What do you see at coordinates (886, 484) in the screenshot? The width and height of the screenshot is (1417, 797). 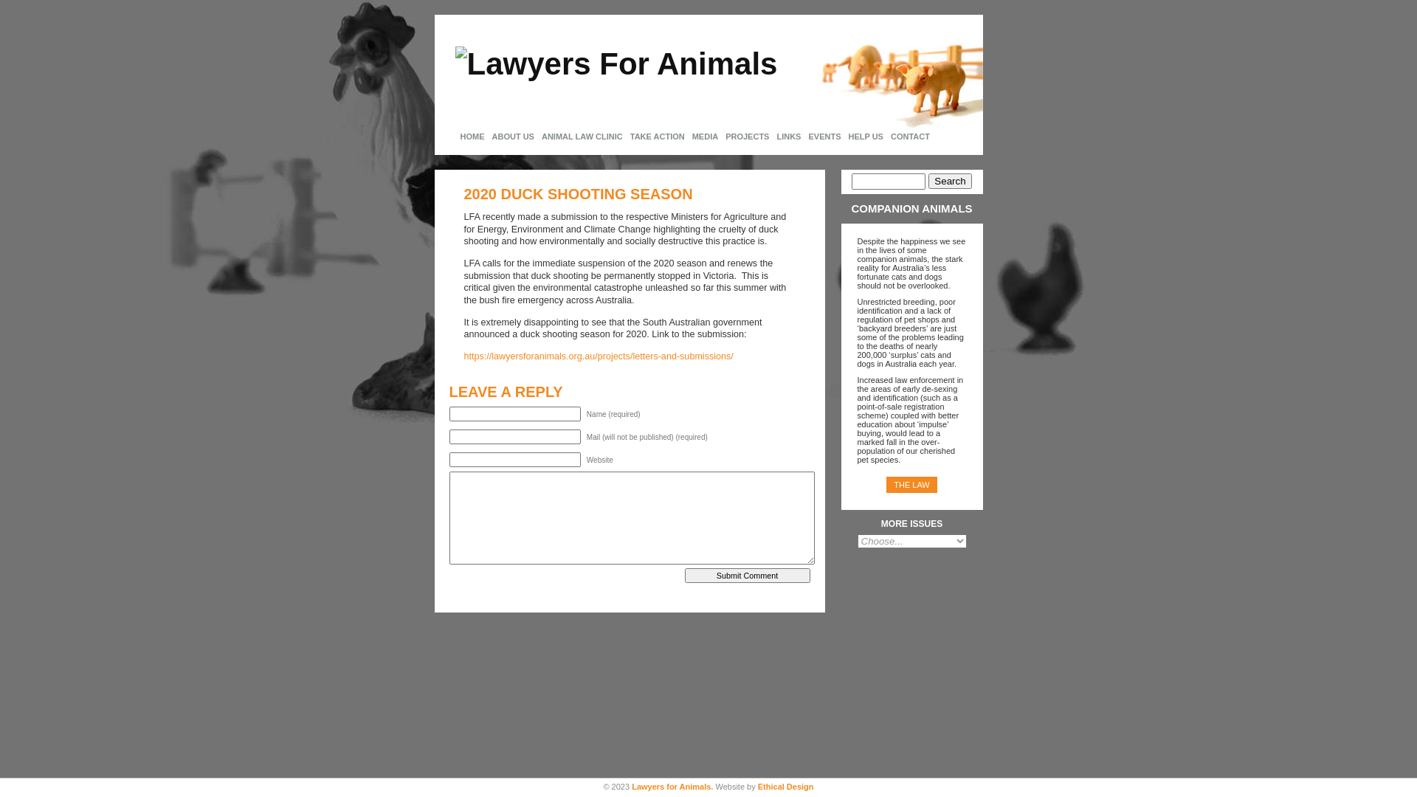 I see `'THE LAW'` at bounding box center [886, 484].